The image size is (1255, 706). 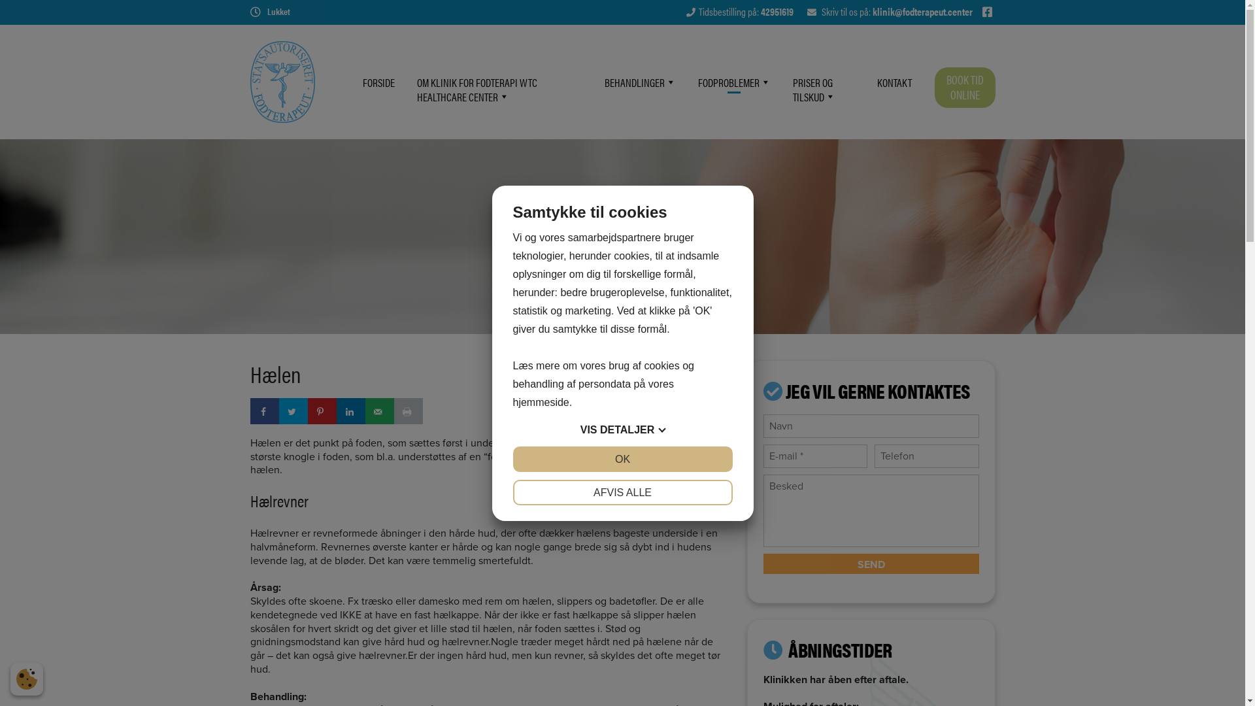 I want to click on 'VIS DETALJER', so click(x=511, y=429).